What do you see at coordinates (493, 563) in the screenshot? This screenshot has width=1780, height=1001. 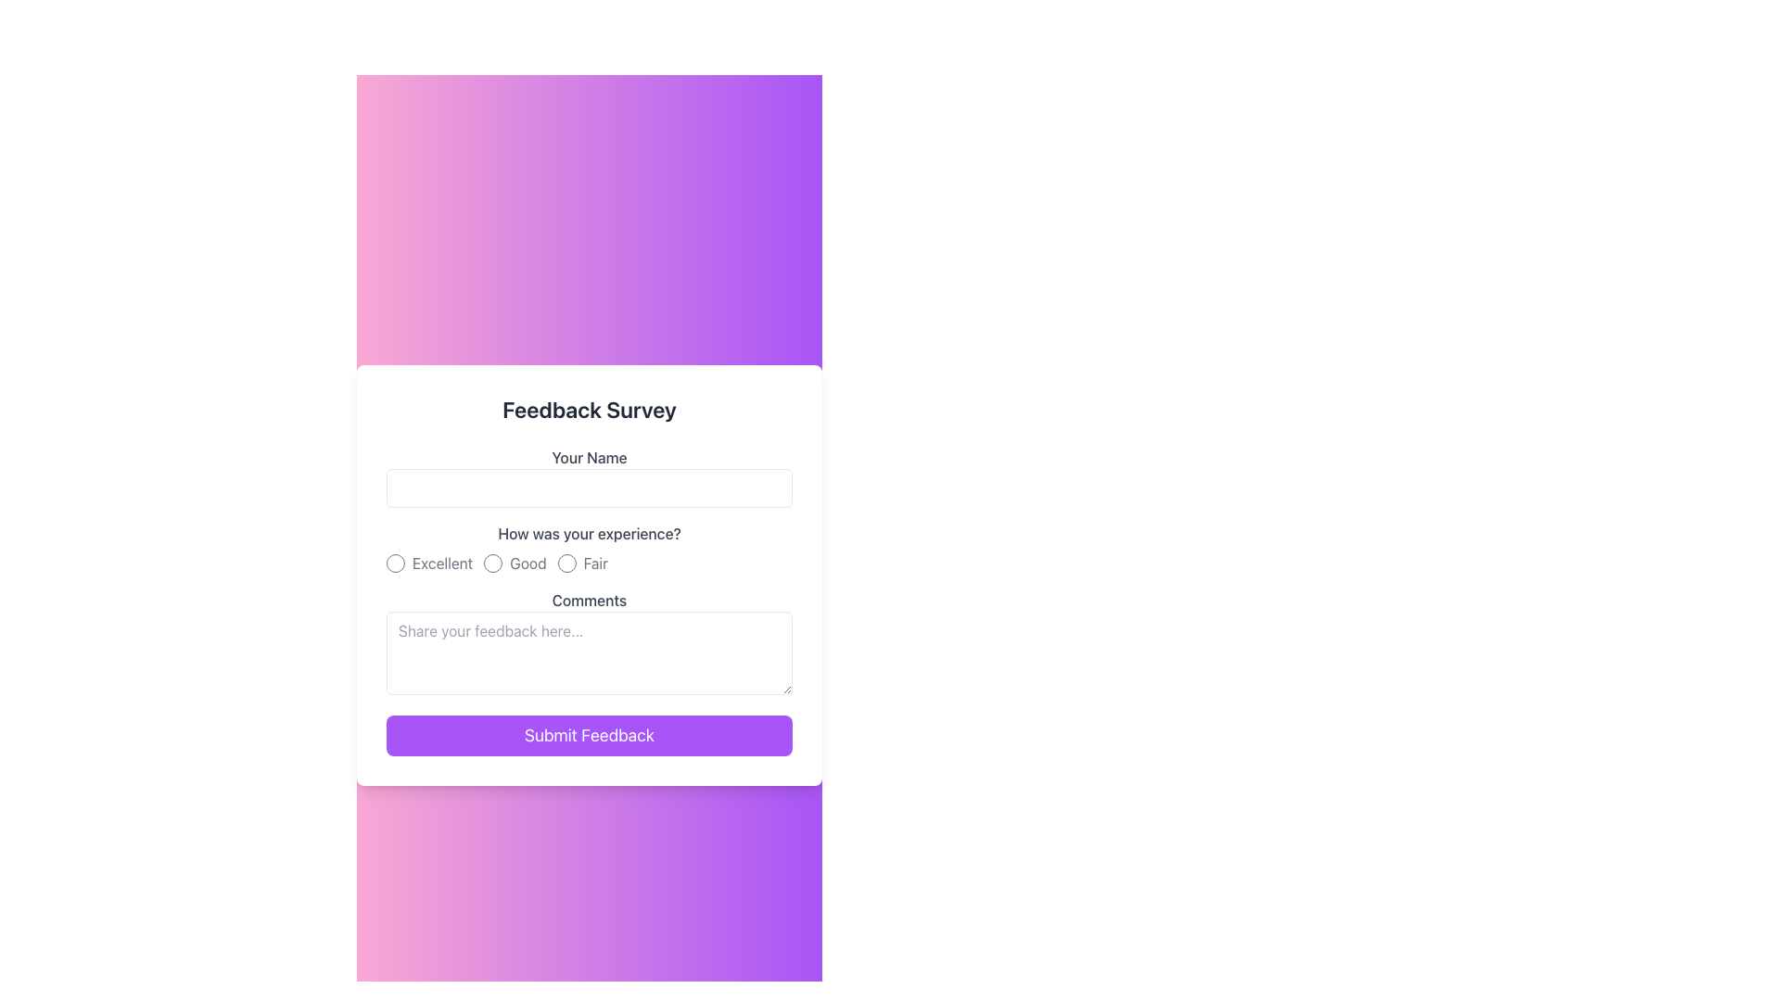 I see `the second radio button labeled 'Good'` at bounding box center [493, 563].